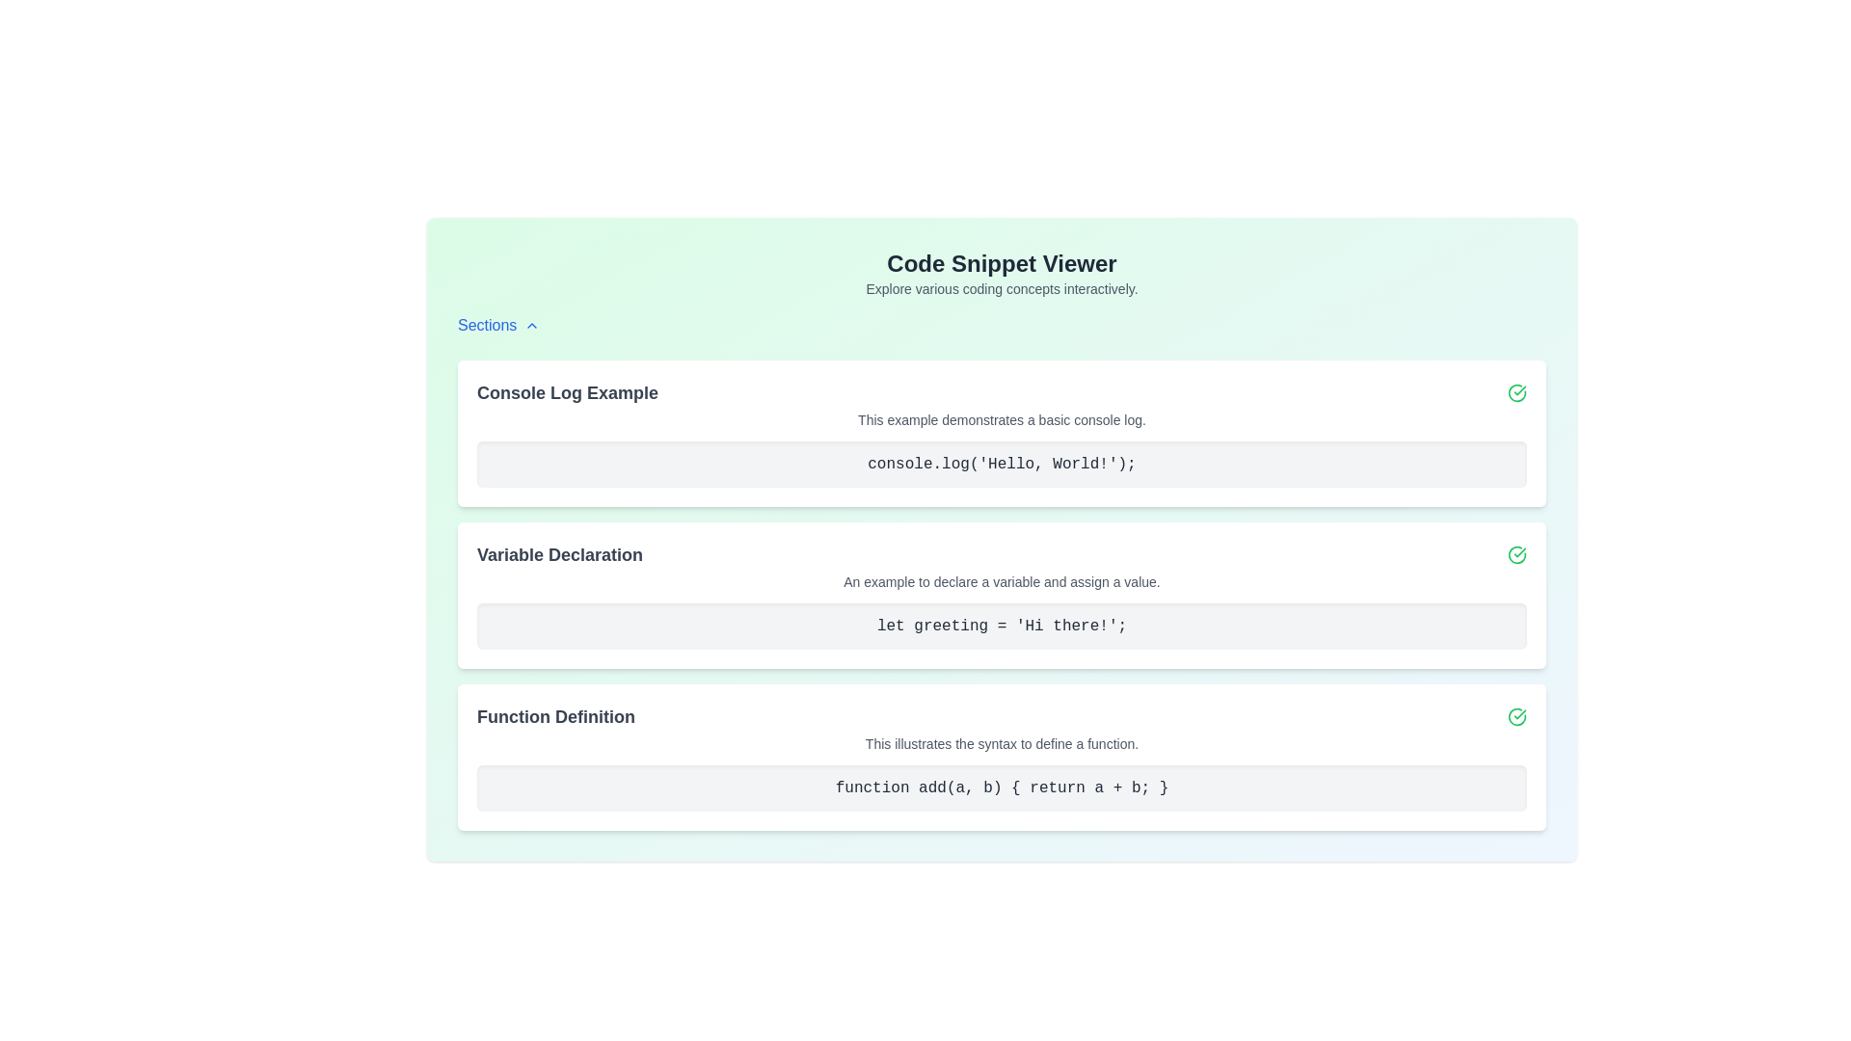  Describe the element at coordinates (554, 717) in the screenshot. I see `the text label that serves as a title for the content section below, which describes the definition of a function in coding` at that location.